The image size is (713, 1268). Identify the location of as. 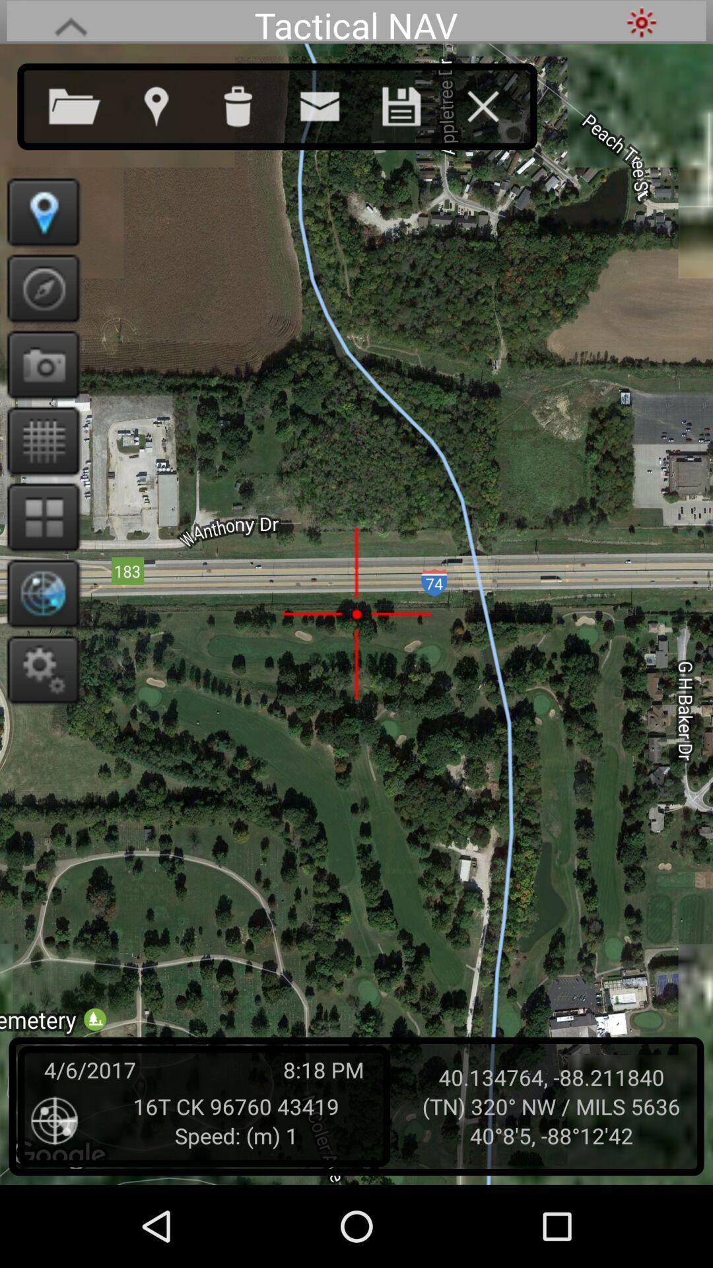
(414, 103).